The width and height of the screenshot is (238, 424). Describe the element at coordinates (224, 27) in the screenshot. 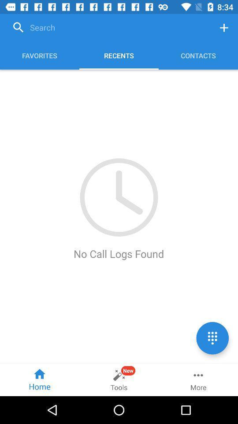

I see `open menu` at that location.